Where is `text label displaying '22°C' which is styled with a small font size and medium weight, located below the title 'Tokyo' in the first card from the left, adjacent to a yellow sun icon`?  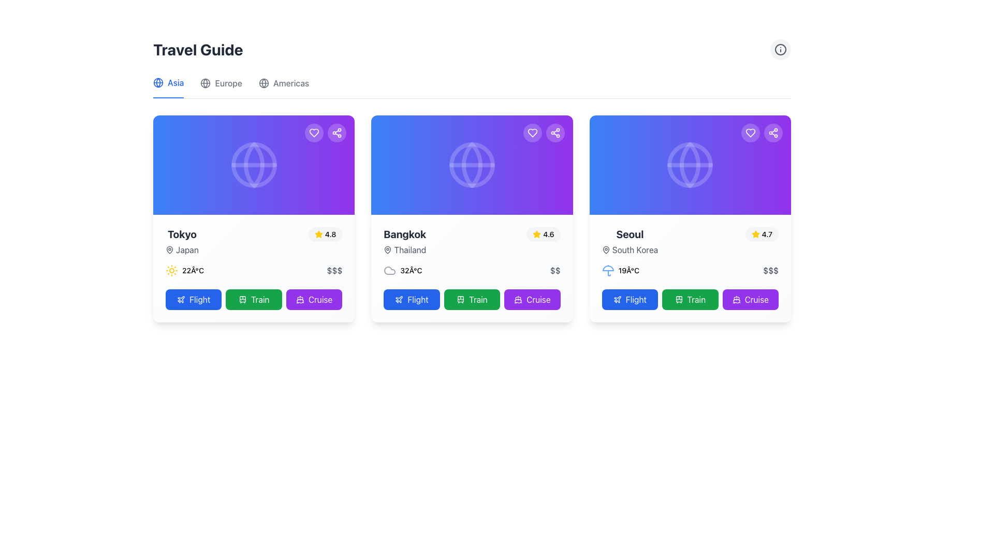
text label displaying '22°C' which is styled with a small font size and medium weight, located below the title 'Tokyo' in the first card from the left, adjacent to a yellow sun icon is located at coordinates (193, 270).